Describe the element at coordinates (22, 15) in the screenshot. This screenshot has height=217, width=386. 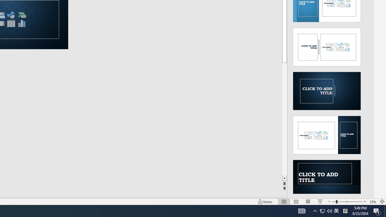
I see `'Insert a SmartArt Graphic'` at that location.